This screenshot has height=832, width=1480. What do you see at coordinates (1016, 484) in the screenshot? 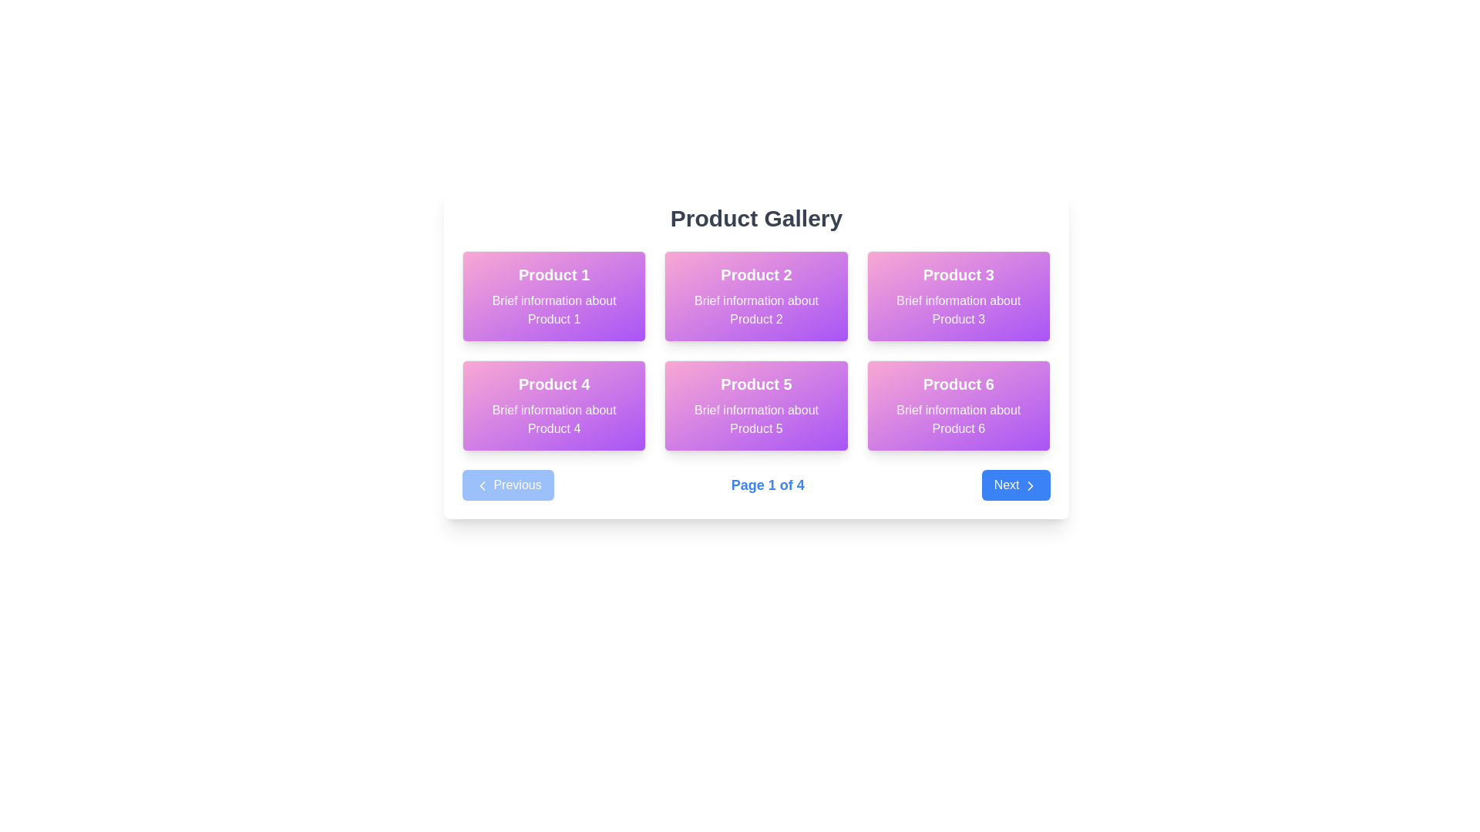
I see `the blue 'Next' button with rounded corners and white text` at bounding box center [1016, 484].